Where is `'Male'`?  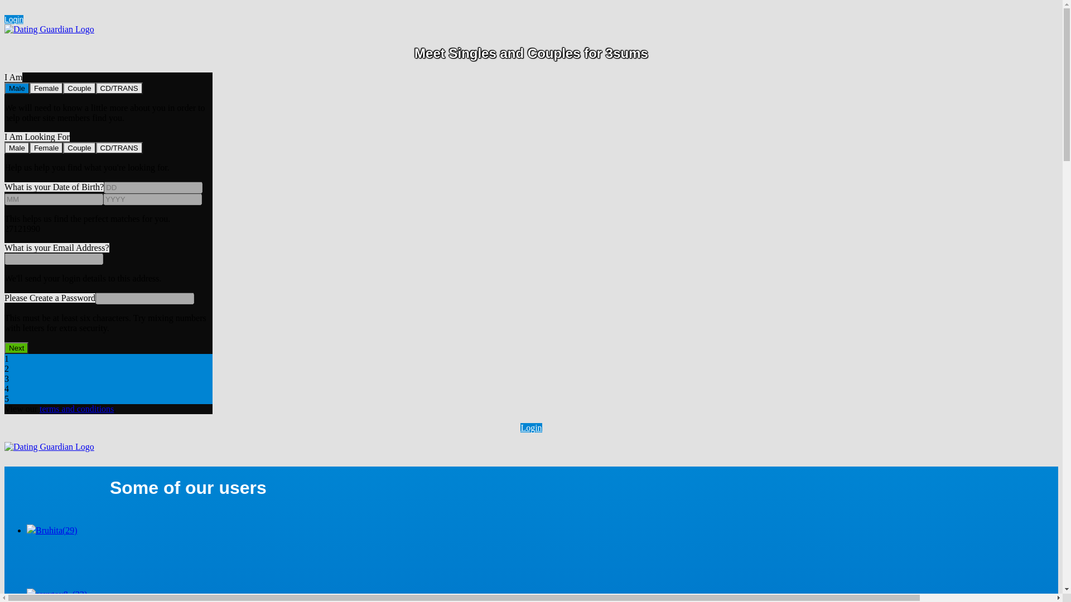
'Male' is located at coordinates (17, 88).